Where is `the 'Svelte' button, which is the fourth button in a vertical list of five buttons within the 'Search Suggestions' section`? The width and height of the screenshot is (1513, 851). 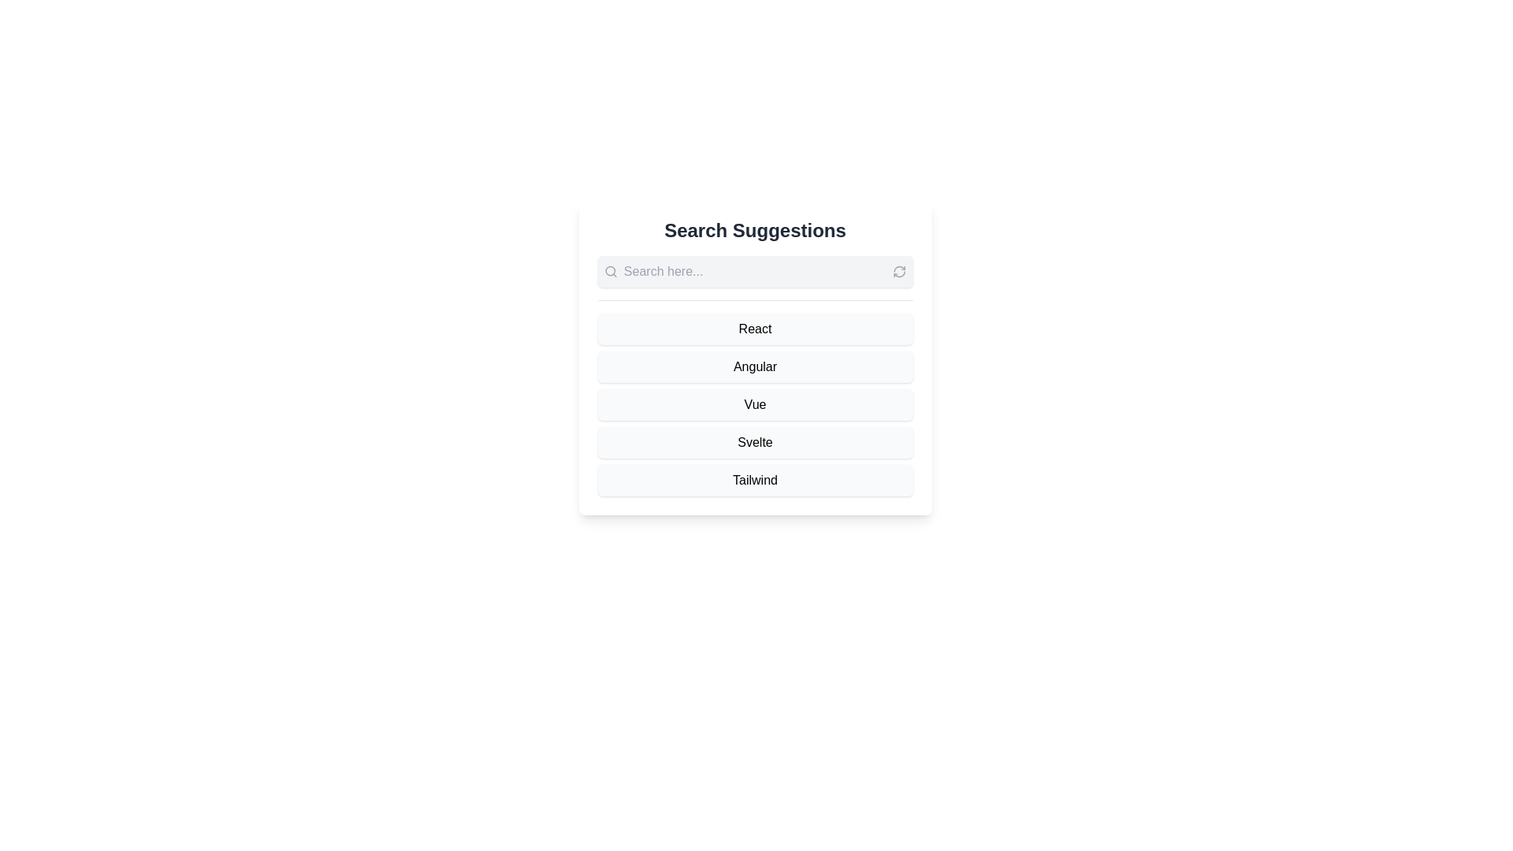 the 'Svelte' button, which is the fourth button in a vertical list of five buttons within the 'Search Suggestions' section is located at coordinates (754, 443).